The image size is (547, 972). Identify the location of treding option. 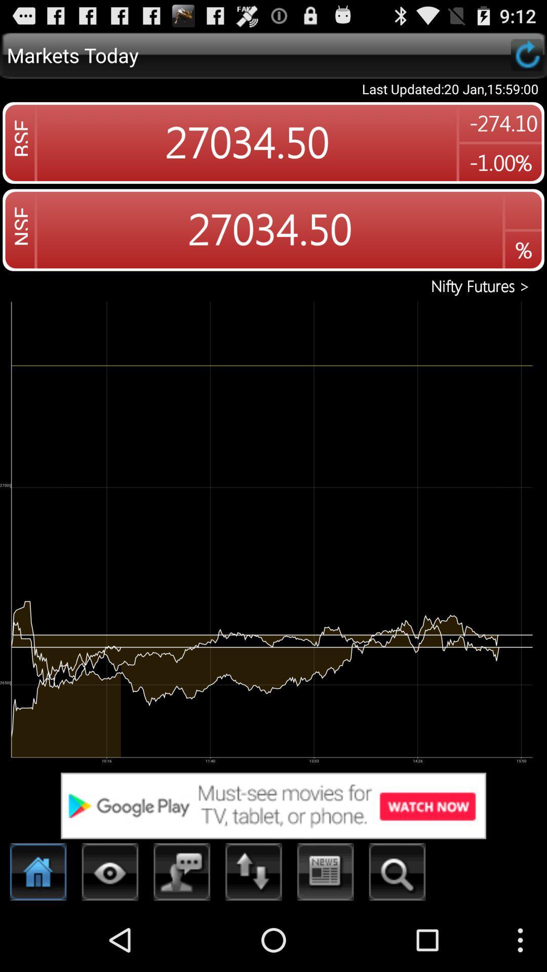
(253, 874).